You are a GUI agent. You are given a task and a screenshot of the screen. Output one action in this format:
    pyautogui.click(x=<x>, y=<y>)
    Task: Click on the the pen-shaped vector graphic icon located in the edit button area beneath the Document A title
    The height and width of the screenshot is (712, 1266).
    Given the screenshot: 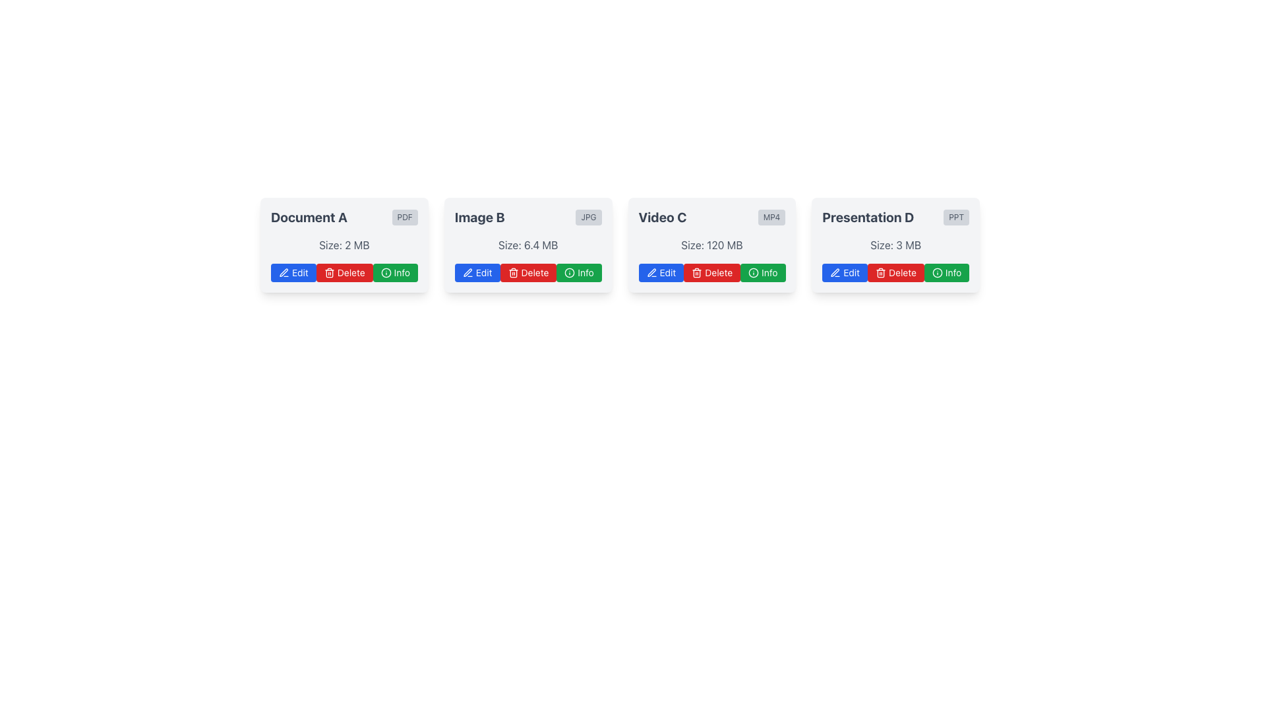 What is the action you would take?
    pyautogui.click(x=283, y=272)
    